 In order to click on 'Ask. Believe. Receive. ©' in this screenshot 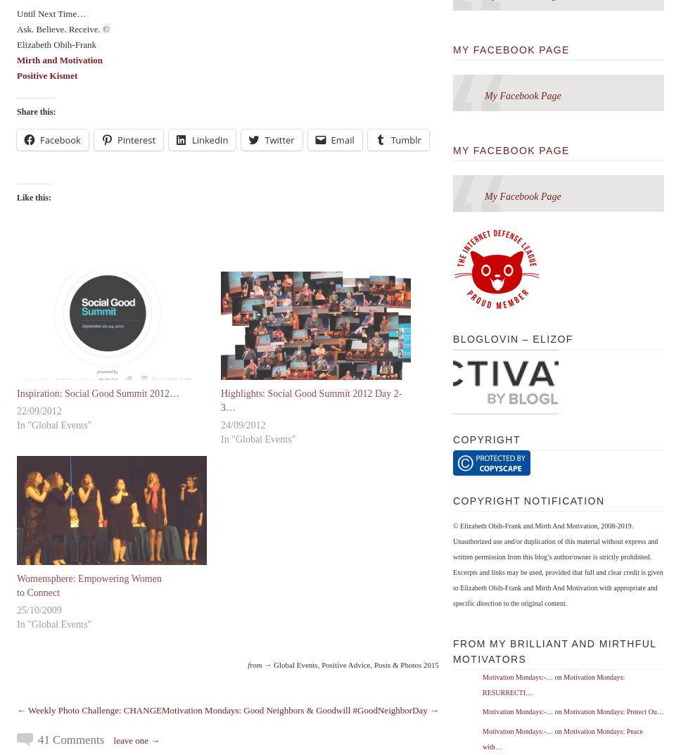, I will do `click(63, 28)`.